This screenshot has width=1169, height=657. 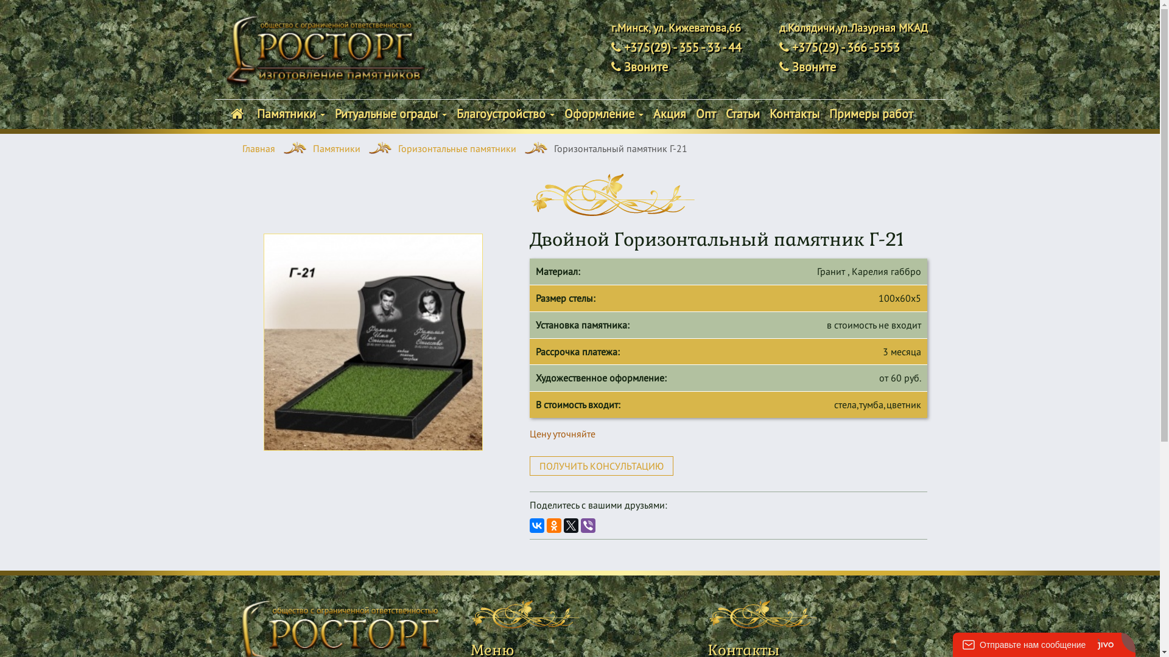 What do you see at coordinates (588, 525) in the screenshot?
I see `'Viber'` at bounding box center [588, 525].